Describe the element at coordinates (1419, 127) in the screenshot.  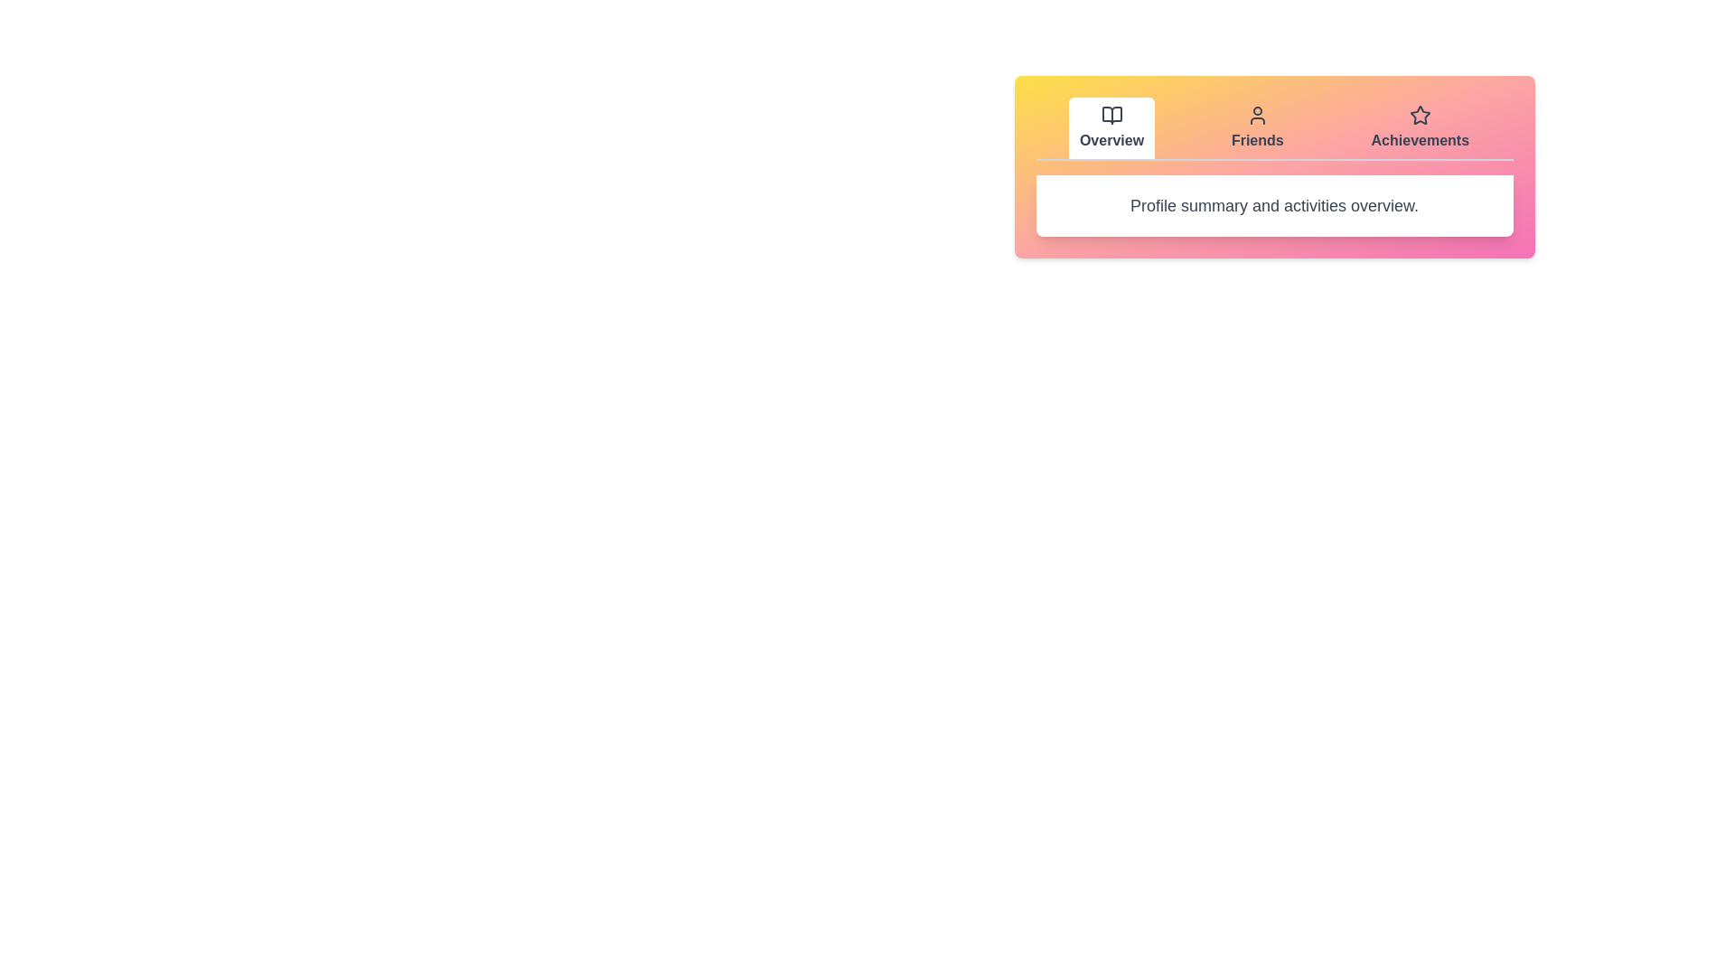
I see `the Achievements tab` at that location.